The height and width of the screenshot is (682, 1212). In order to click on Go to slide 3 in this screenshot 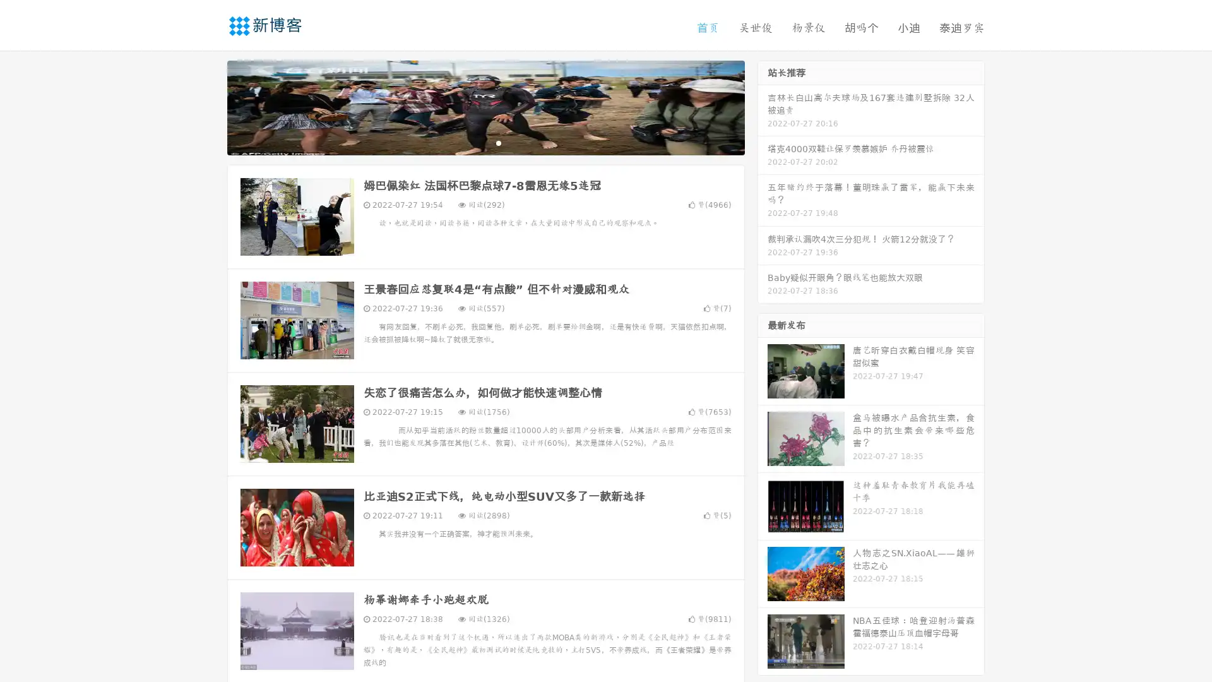, I will do `click(498, 142)`.